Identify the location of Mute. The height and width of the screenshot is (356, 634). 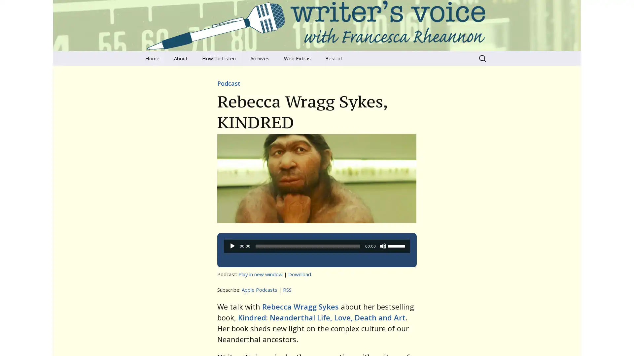
(383, 246).